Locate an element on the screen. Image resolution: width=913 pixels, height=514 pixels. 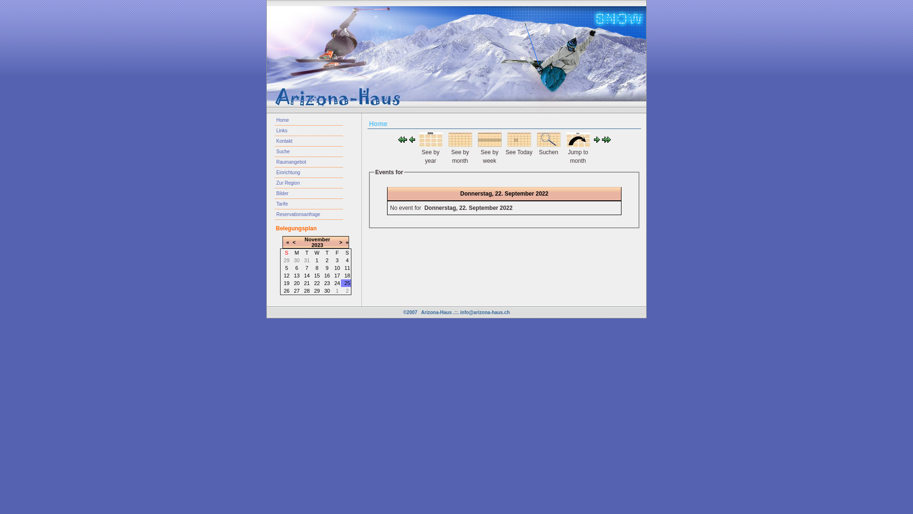
'13' is located at coordinates (296, 275).